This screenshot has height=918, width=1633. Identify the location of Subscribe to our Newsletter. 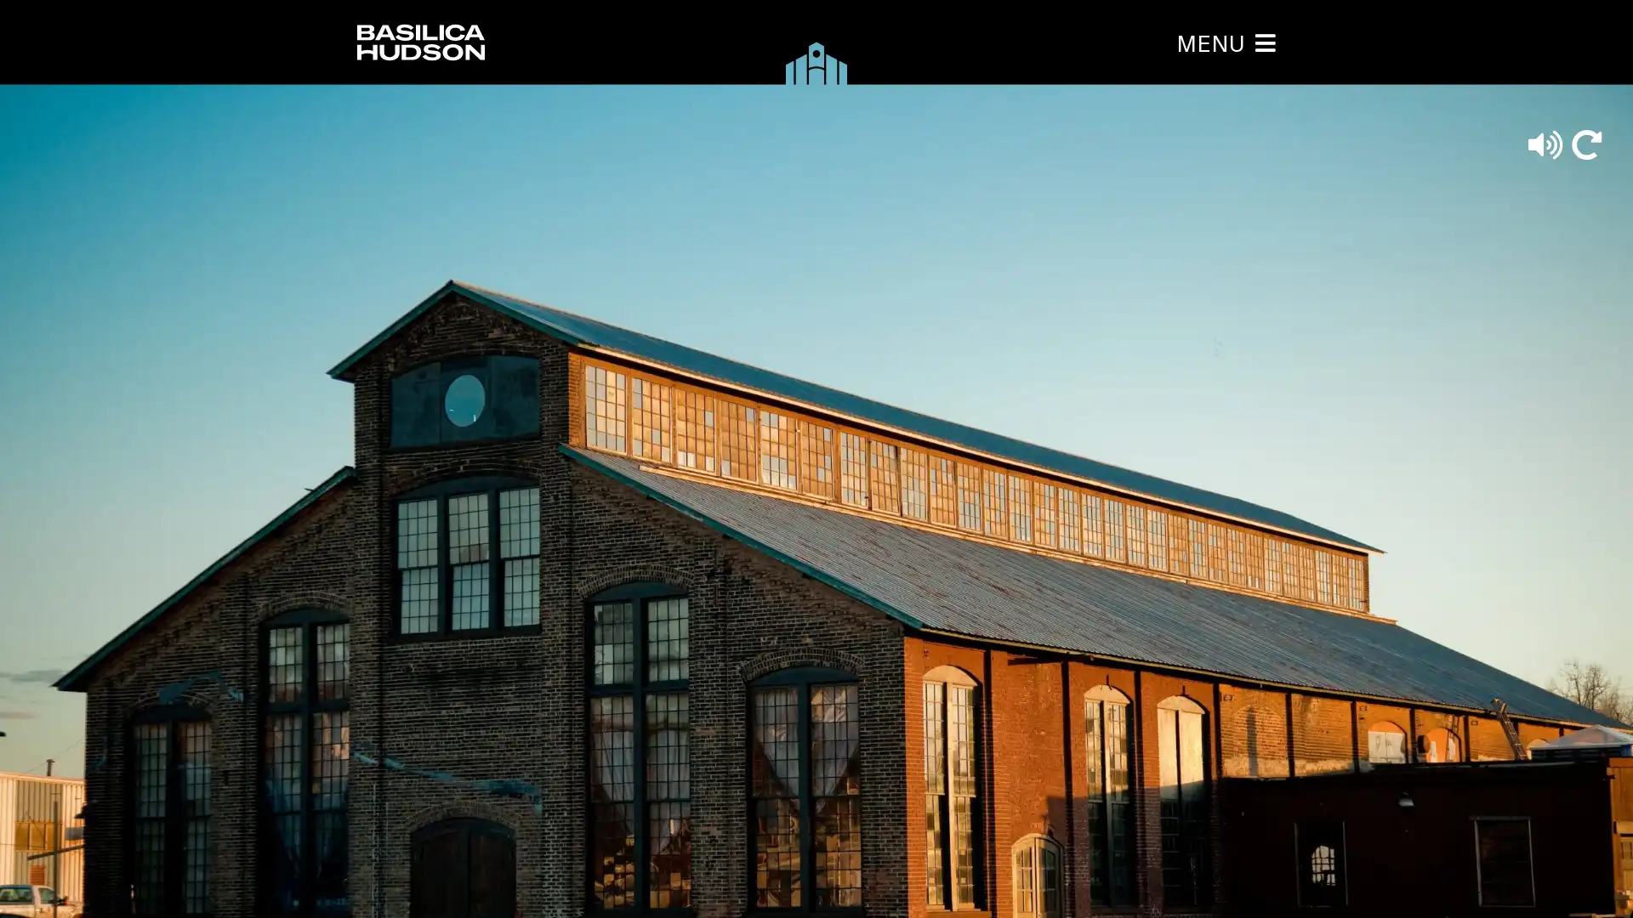
(783, 456).